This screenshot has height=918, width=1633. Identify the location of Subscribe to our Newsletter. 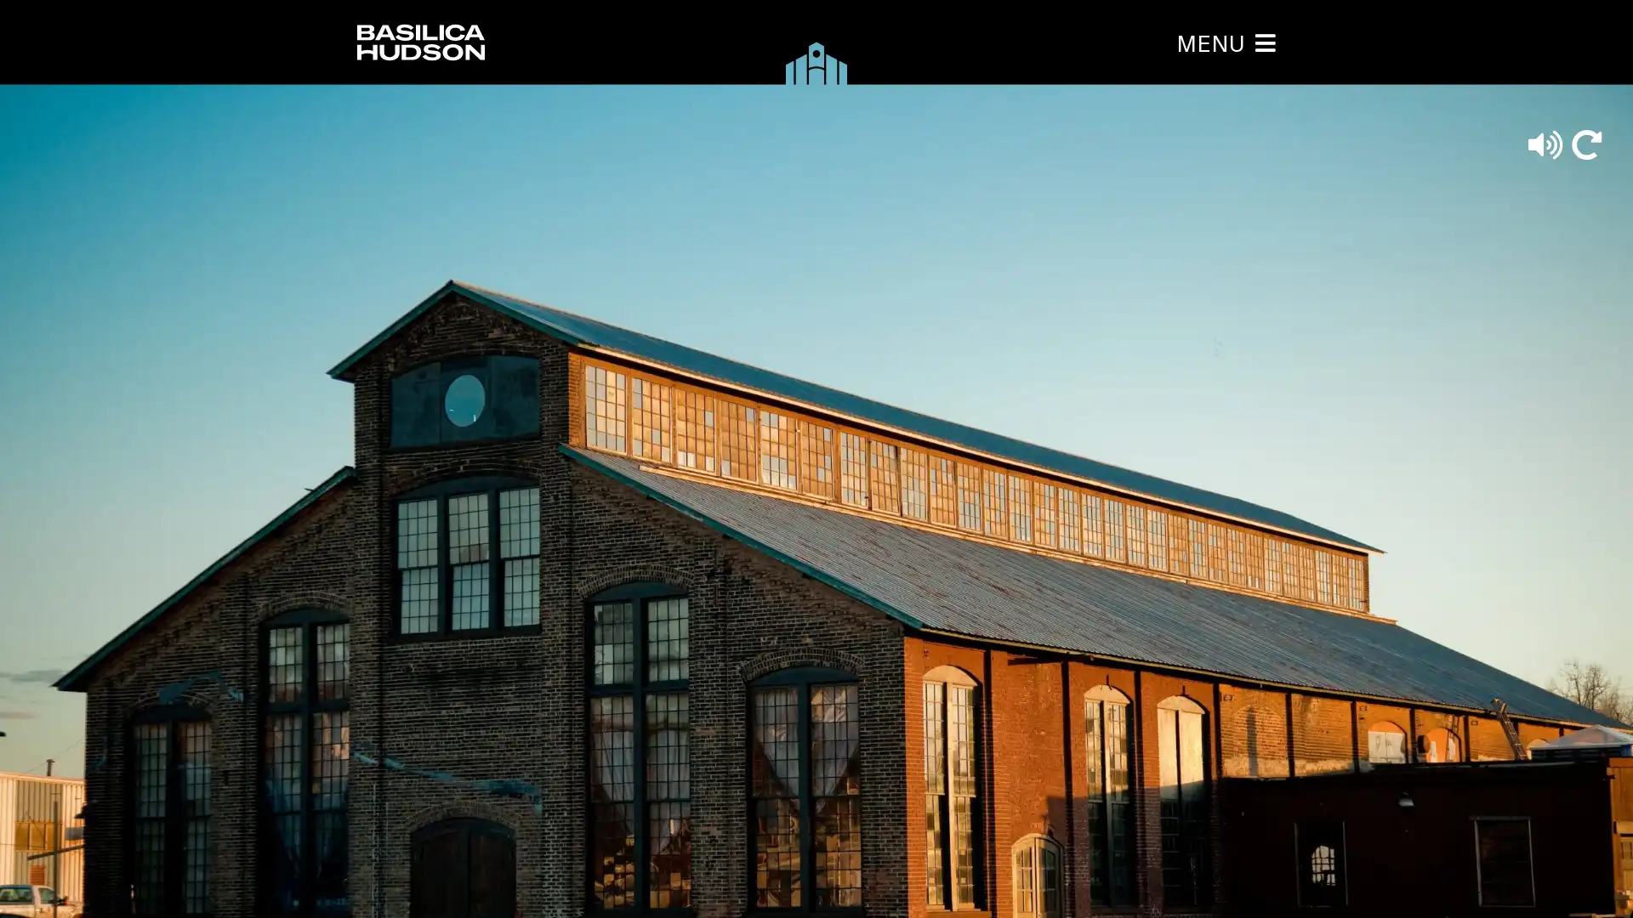
(783, 456).